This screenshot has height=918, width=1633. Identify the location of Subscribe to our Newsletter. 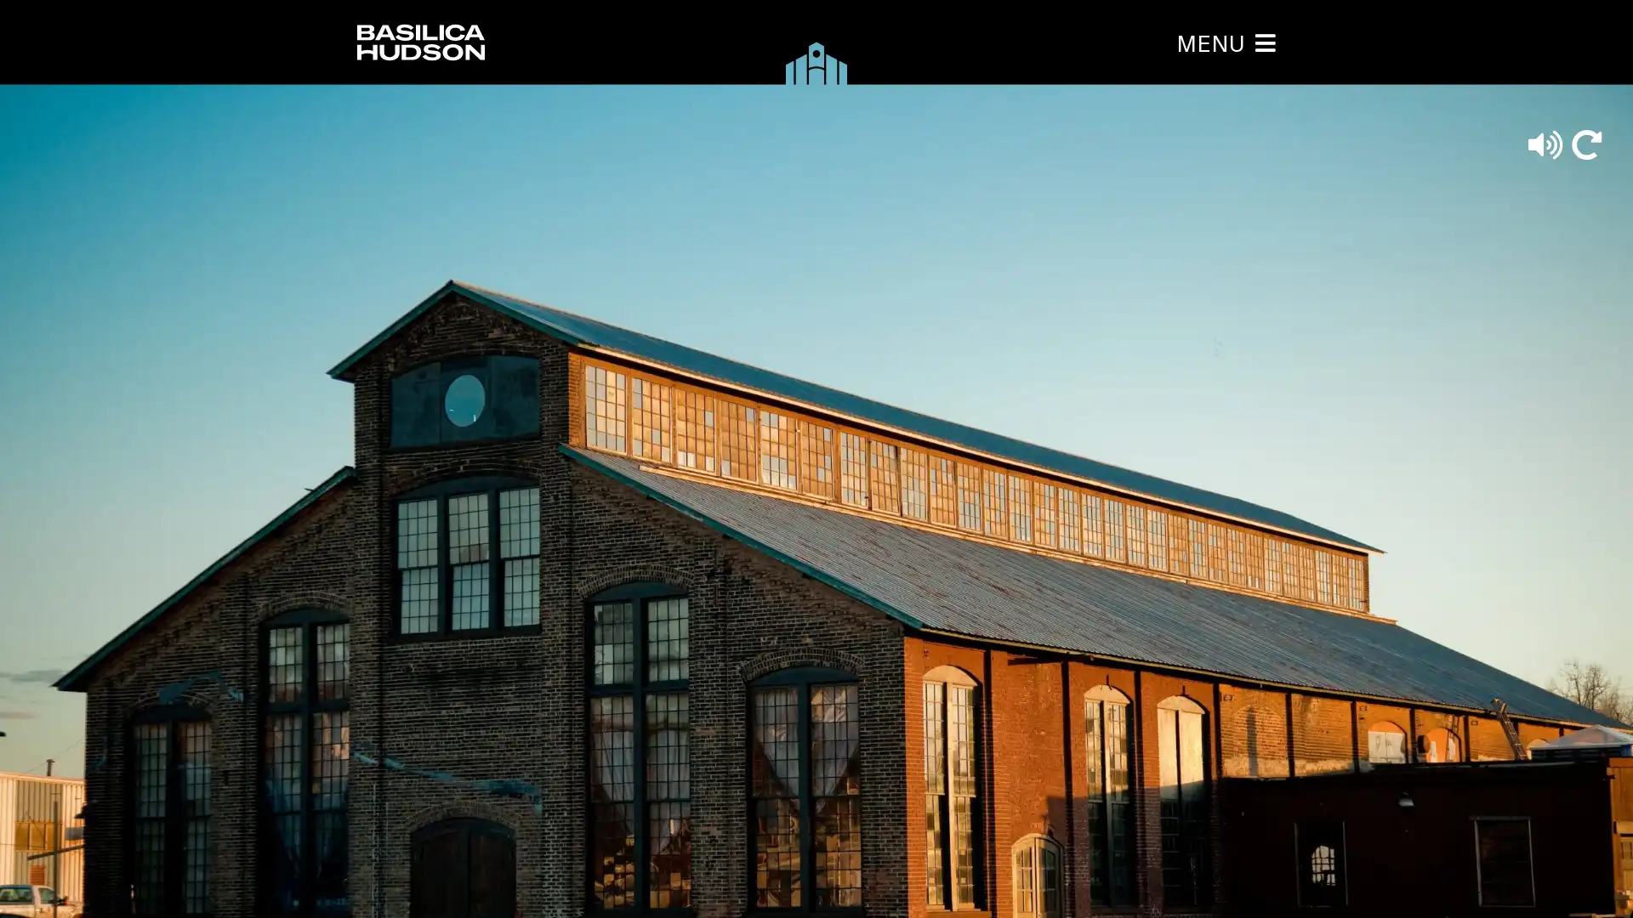
(783, 456).